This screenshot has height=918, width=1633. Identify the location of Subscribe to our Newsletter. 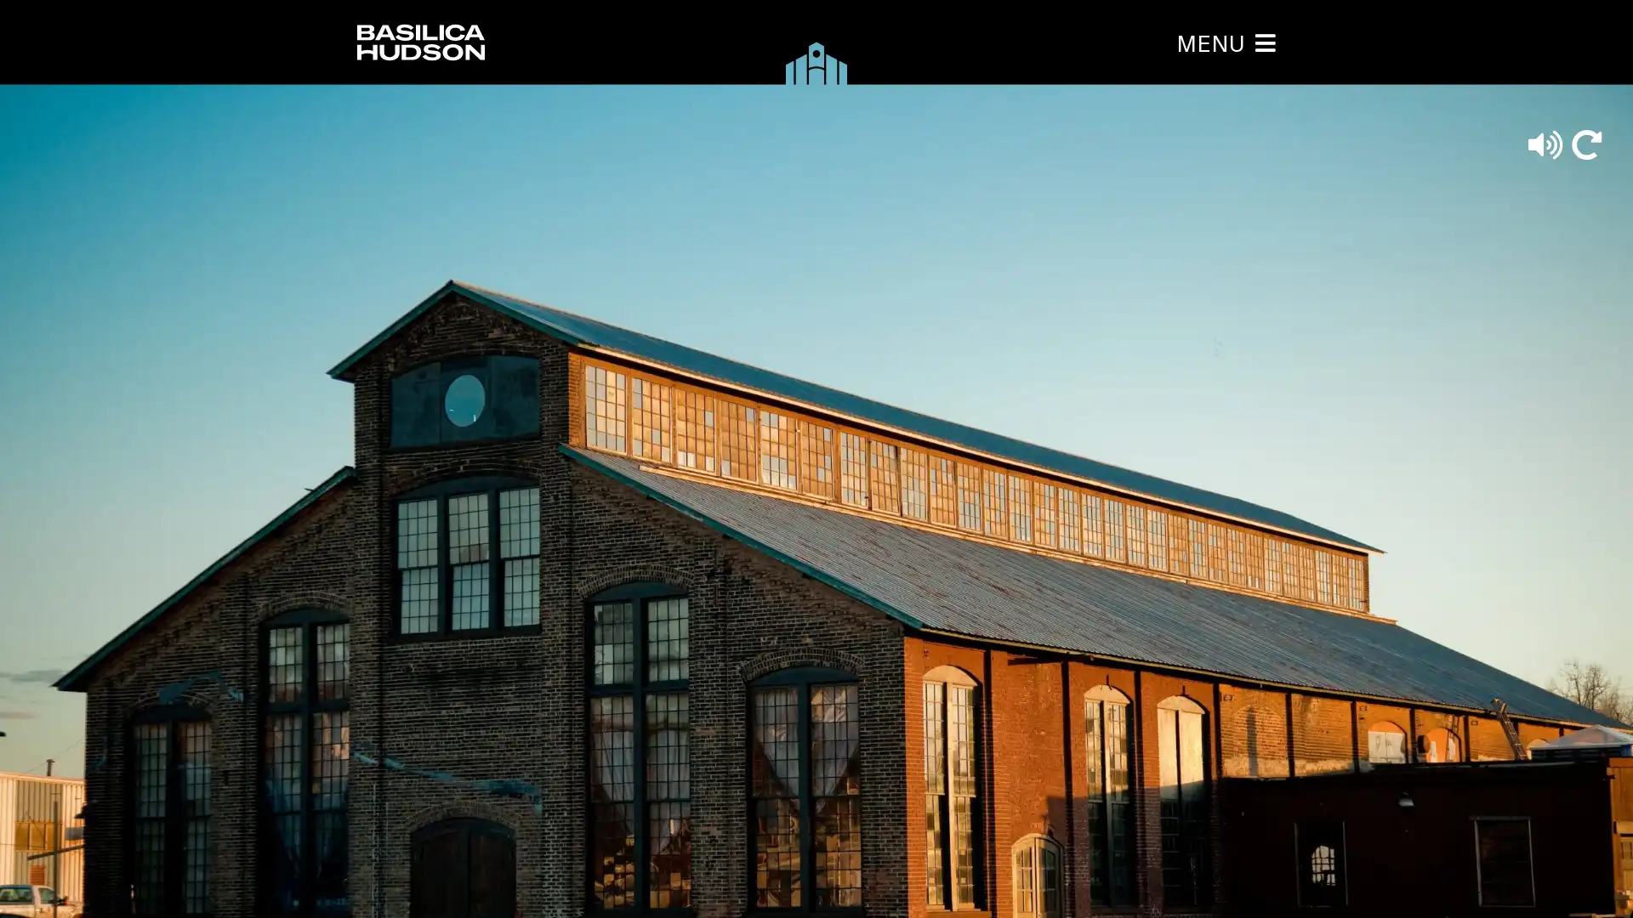
(783, 456).